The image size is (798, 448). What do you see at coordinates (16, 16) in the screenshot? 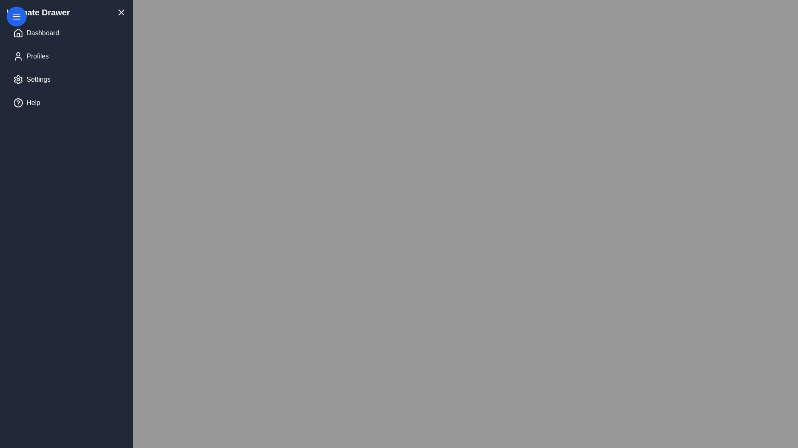
I see `the circular blue button with a white menu icon located in the top-left corner of the sidebar, above the 'Ultimate Drawer' text label` at bounding box center [16, 16].